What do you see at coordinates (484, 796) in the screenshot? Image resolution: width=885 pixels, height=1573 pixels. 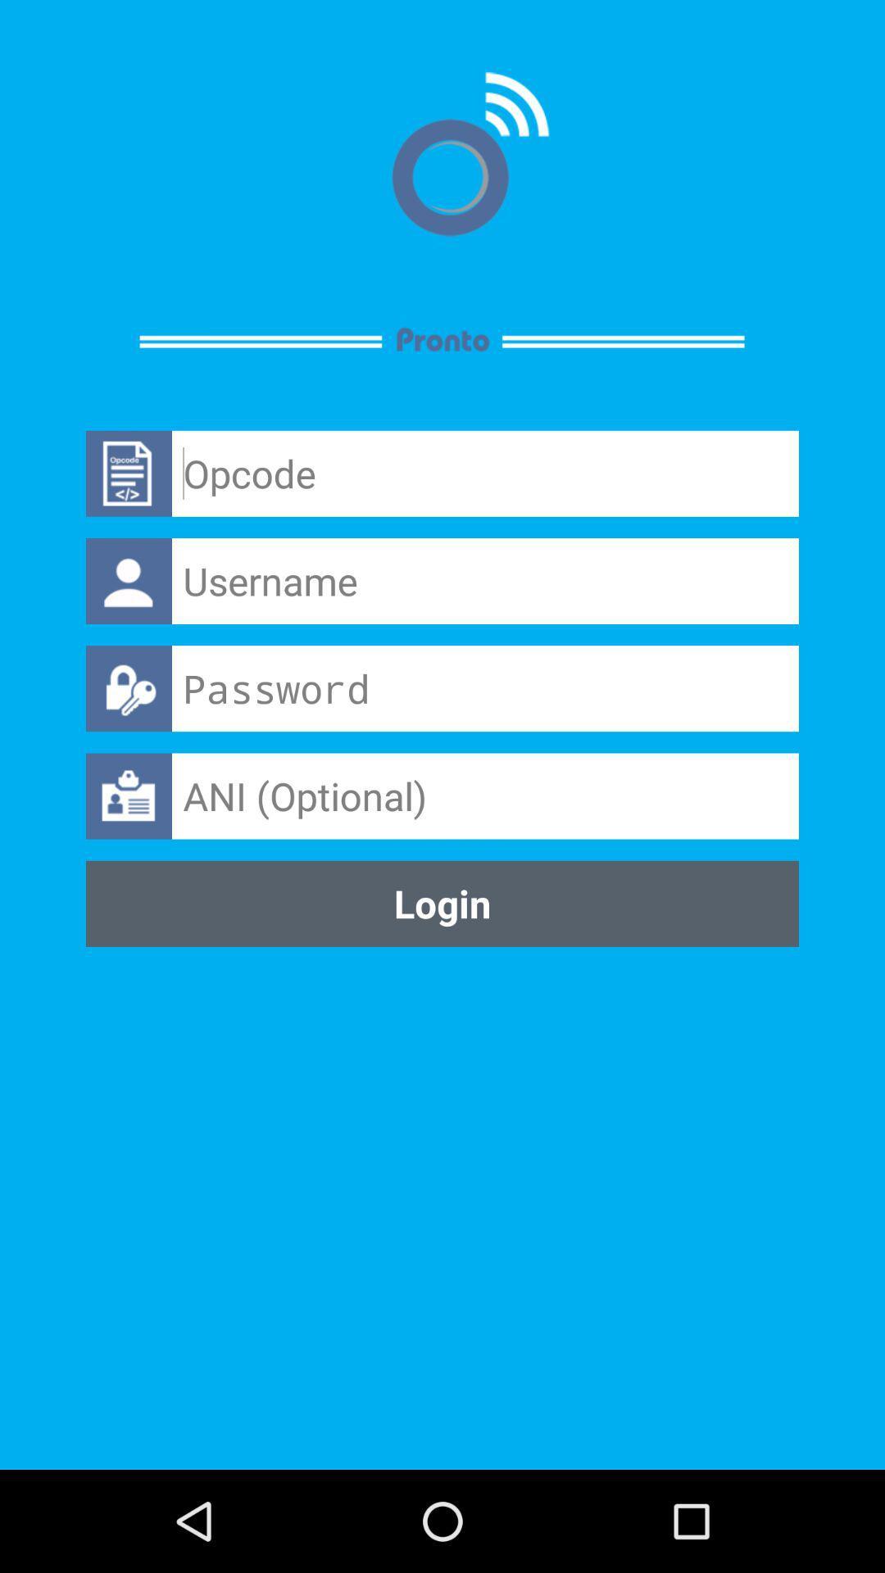 I see `the ani` at bounding box center [484, 796].